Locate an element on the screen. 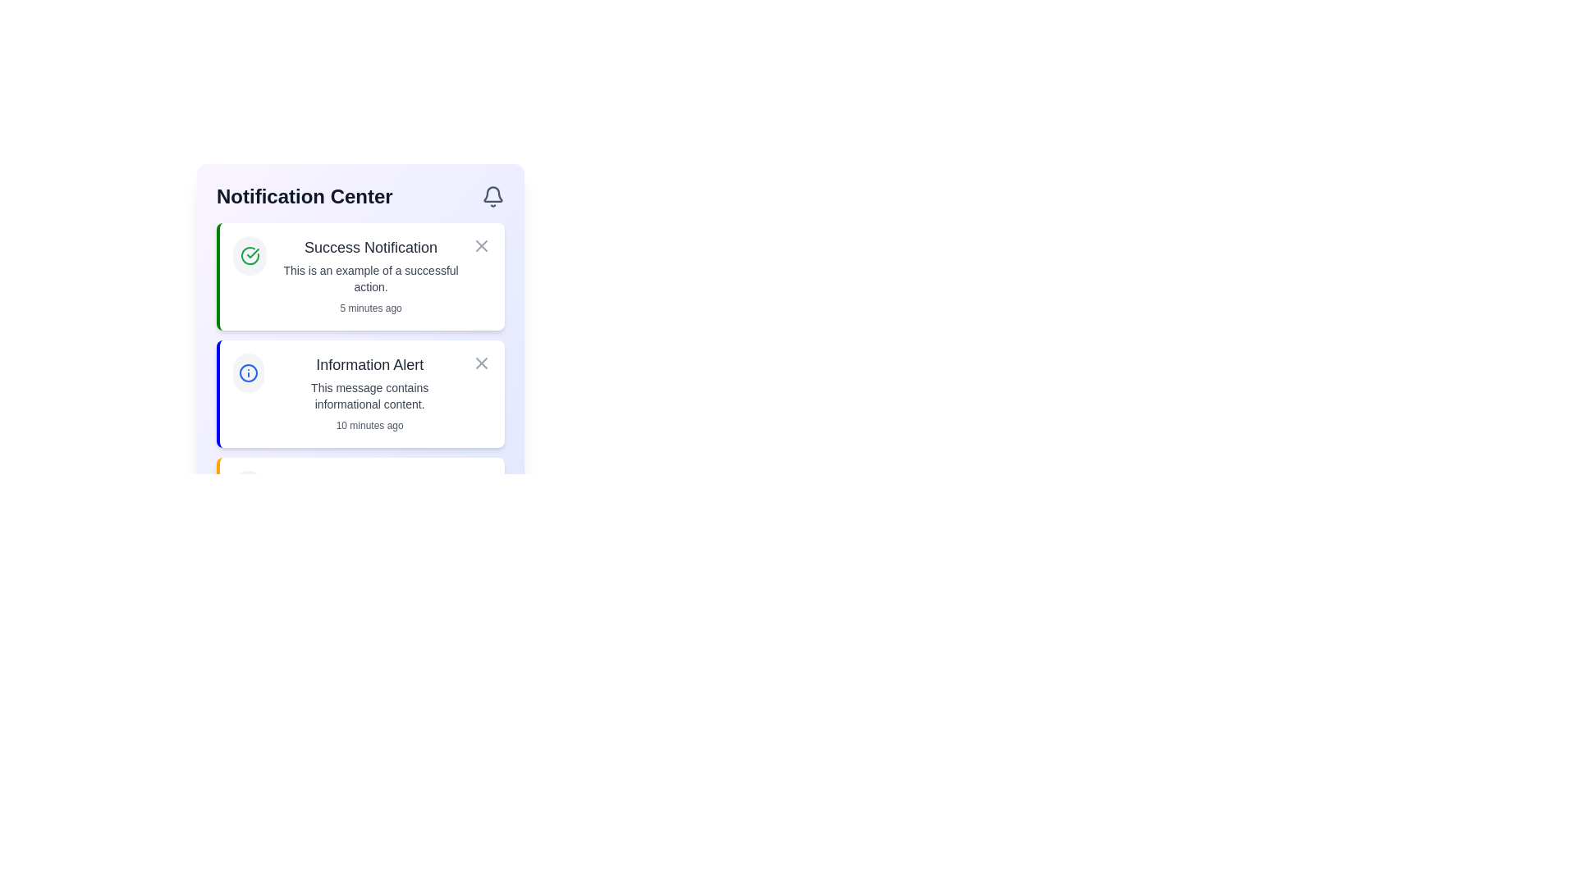 This screenshot has width=1576, height=886. the blue circular icon with a stroke width of 2 located in the top-left of the notification panel, specifically as part of the informational alert icon is located at coordinates (248, 373).